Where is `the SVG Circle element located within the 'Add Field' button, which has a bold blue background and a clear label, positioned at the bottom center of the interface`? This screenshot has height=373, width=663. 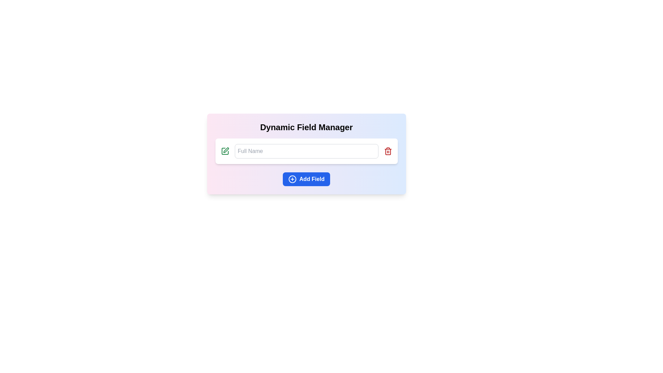 the SVG Circle element located within the 'Add Field' button, which has a bold blue background and a clear label, positioned at the bottom center of the interface is located at coordinates (292, 179).